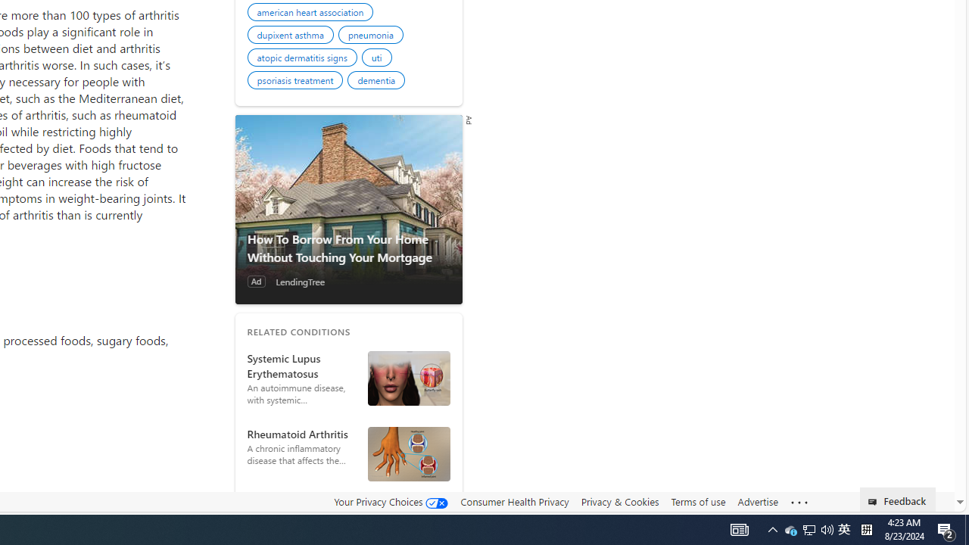 This screenshot has width=969, height=545. Describe the element at coordinates (409, 453) in the screenshot. I see `'Diagrammatic Representation of - Rheumatoid Arthritis'` at that location.